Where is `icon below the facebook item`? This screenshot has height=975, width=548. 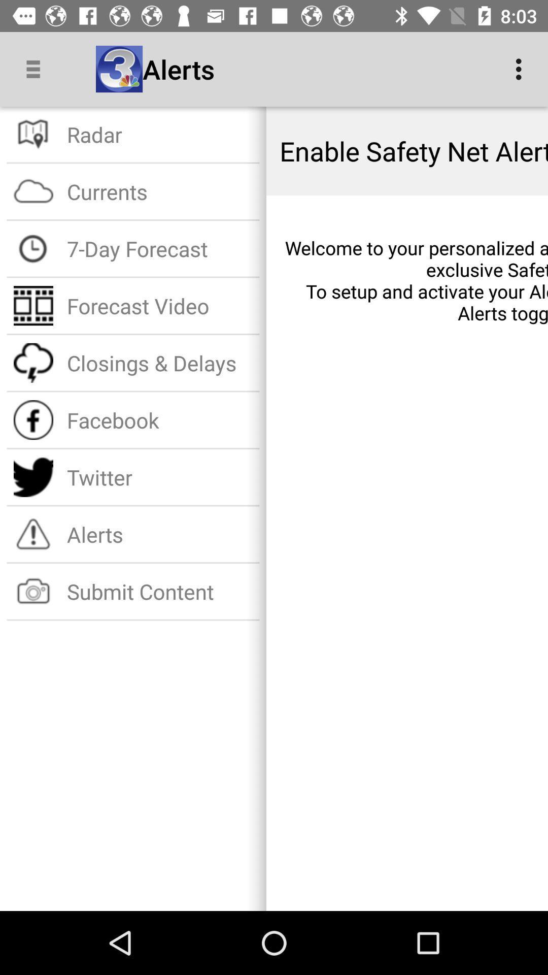
icon below the facebook item is located at coordinates (160, 476).